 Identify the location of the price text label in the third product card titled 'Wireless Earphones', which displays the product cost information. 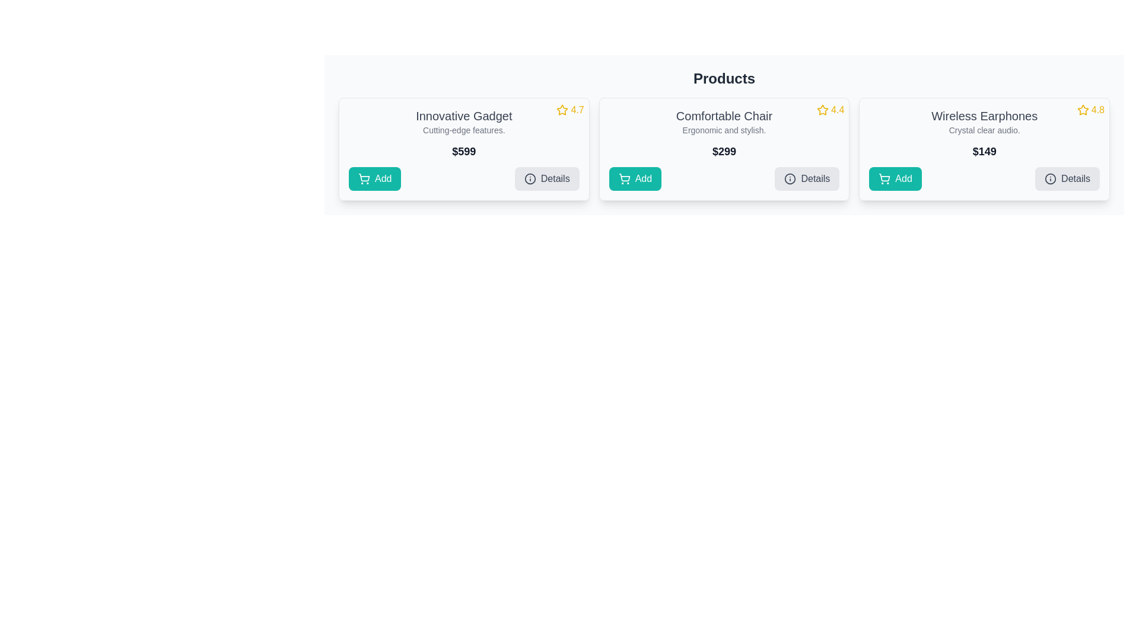
(984, 151).